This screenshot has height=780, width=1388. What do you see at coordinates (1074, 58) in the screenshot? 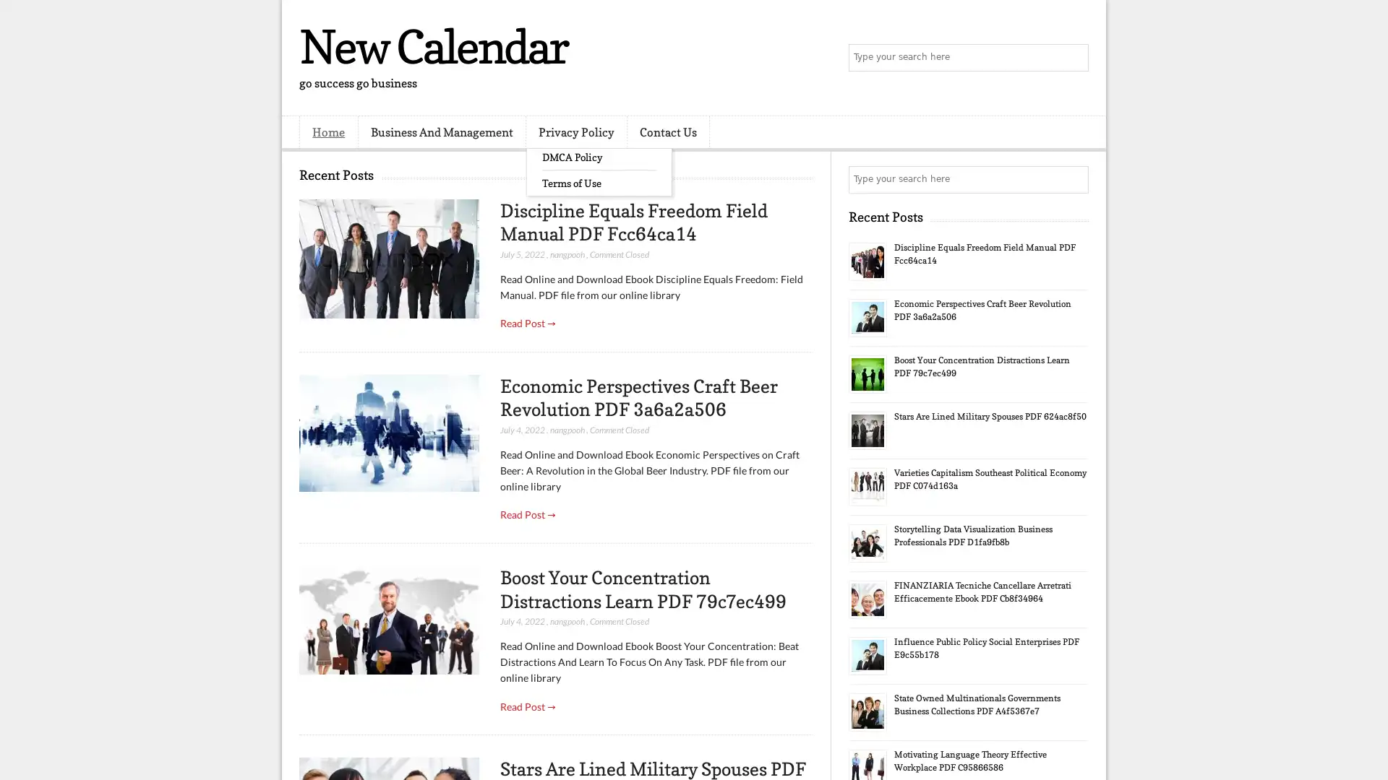
I see `Search` at bounding box center [1074, 58].